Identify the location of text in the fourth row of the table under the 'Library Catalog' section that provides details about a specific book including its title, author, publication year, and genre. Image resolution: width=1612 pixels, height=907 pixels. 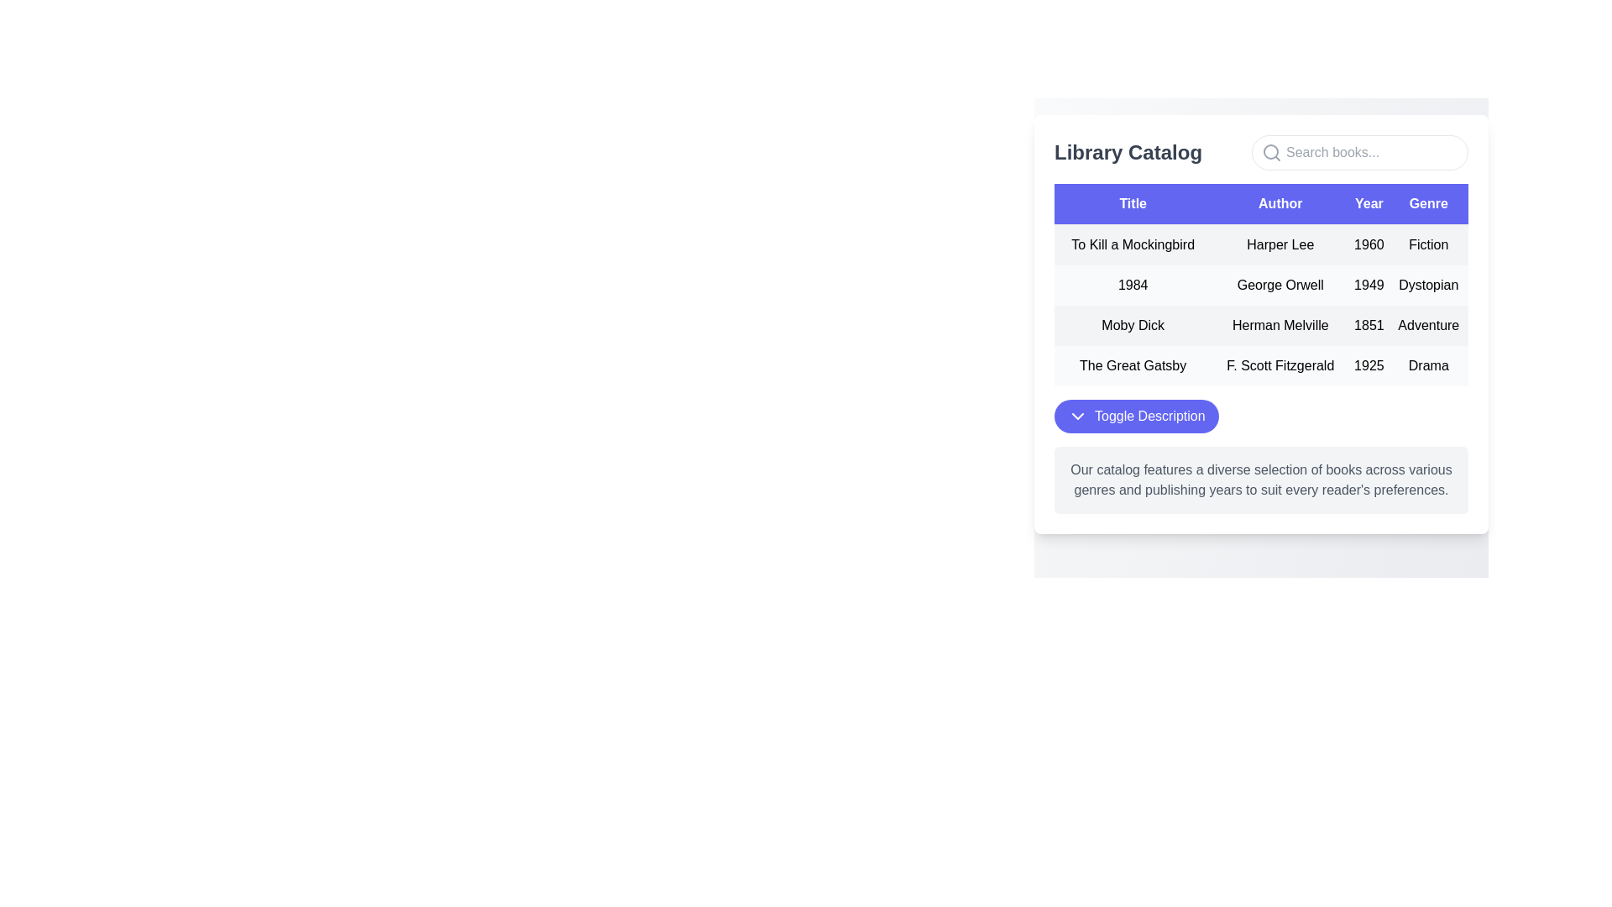
(1261, 364).